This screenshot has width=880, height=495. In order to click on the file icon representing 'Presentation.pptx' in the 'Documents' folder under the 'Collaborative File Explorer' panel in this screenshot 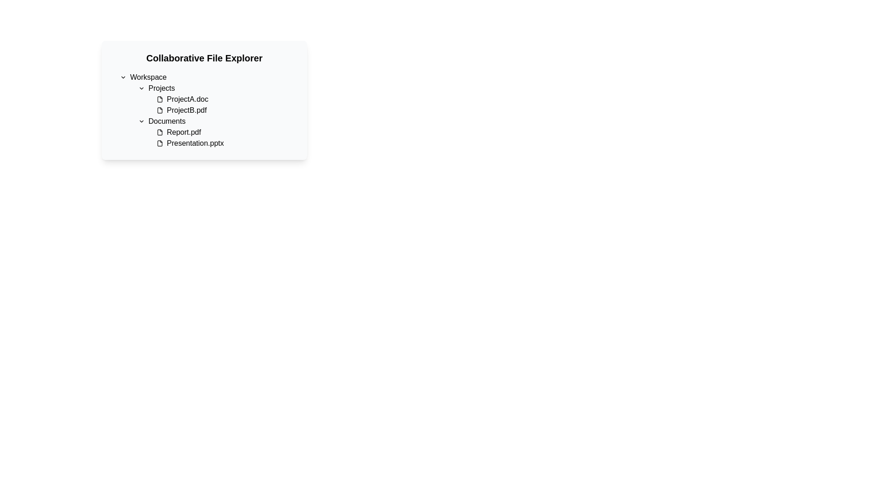, I will do `click(160, 143)`.